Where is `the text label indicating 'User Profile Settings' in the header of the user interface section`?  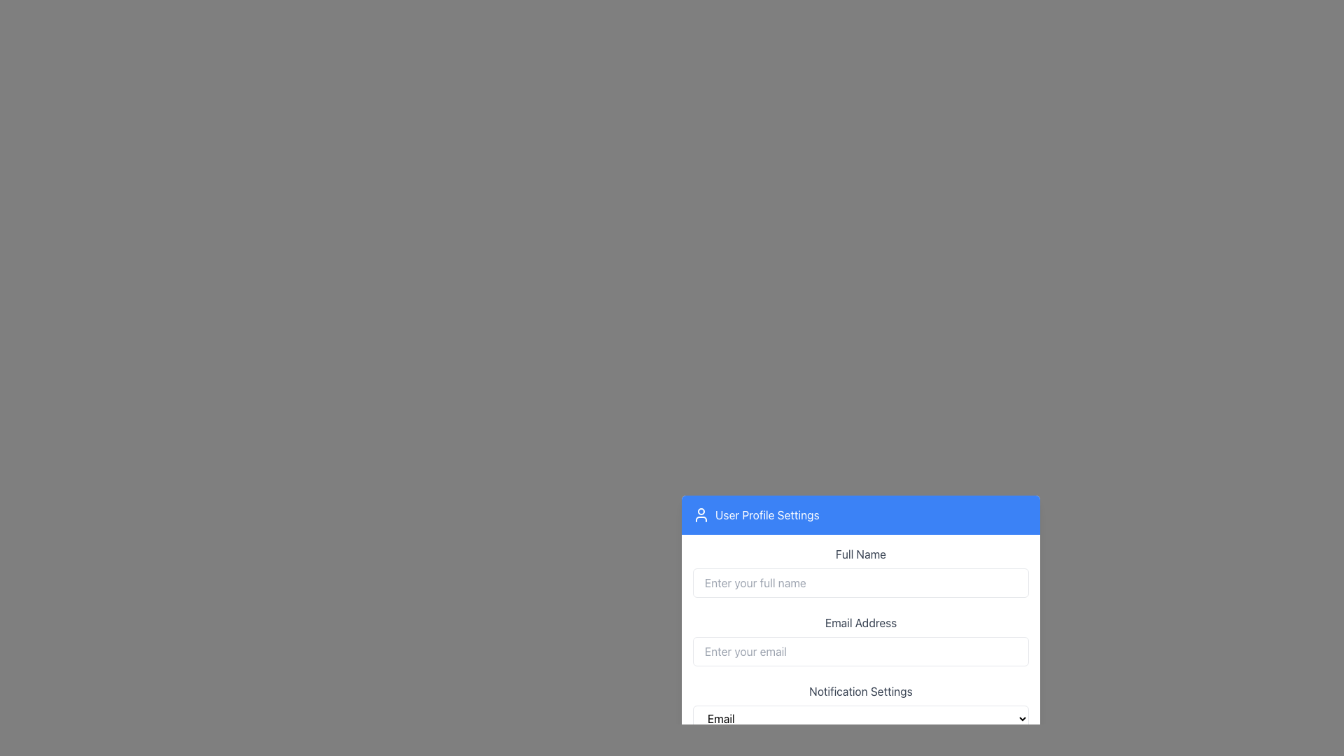 the text label indicating 'User Profile Settings' in the header of the user interface section is located at coordinates (766, 514).